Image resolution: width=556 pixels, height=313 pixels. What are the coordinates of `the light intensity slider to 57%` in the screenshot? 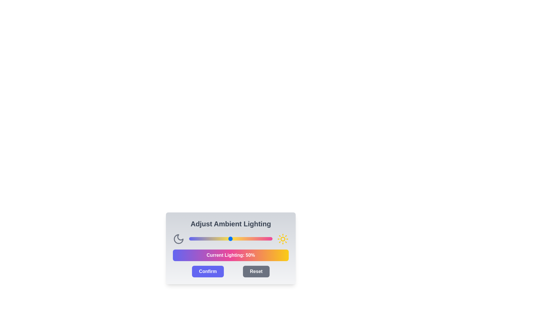 It's located at (237, 239).